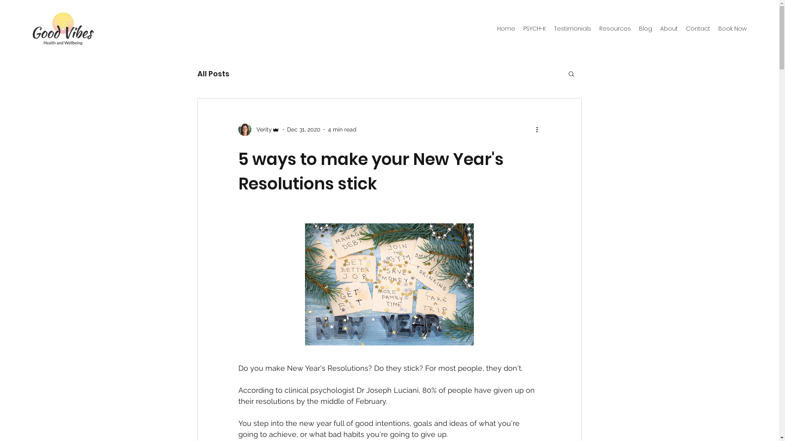 The image size is (785, 441). What do you see at coordinates (615, 28) in the screenshot?
I see `'Resources'` at bounding box center [615, 28].